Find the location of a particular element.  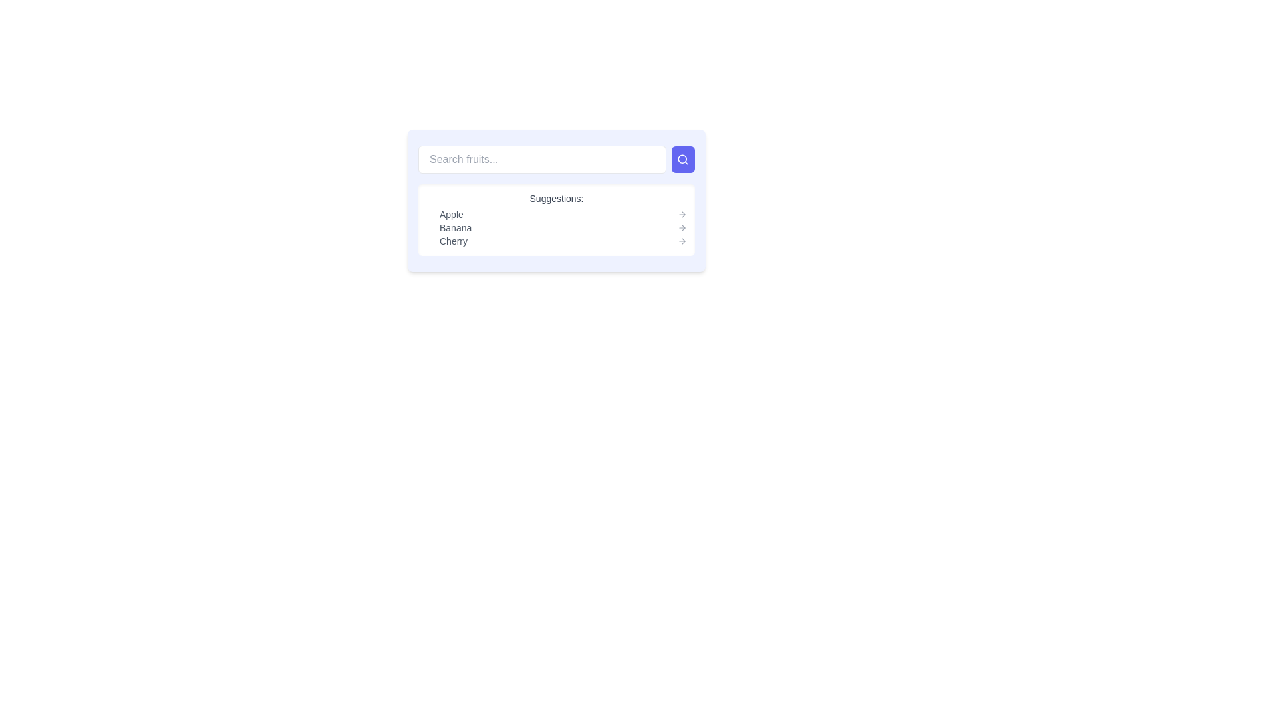

the arrow icon located to the far right of the text 'Banana' in the suggestion list is located at coordinates (682, 227).